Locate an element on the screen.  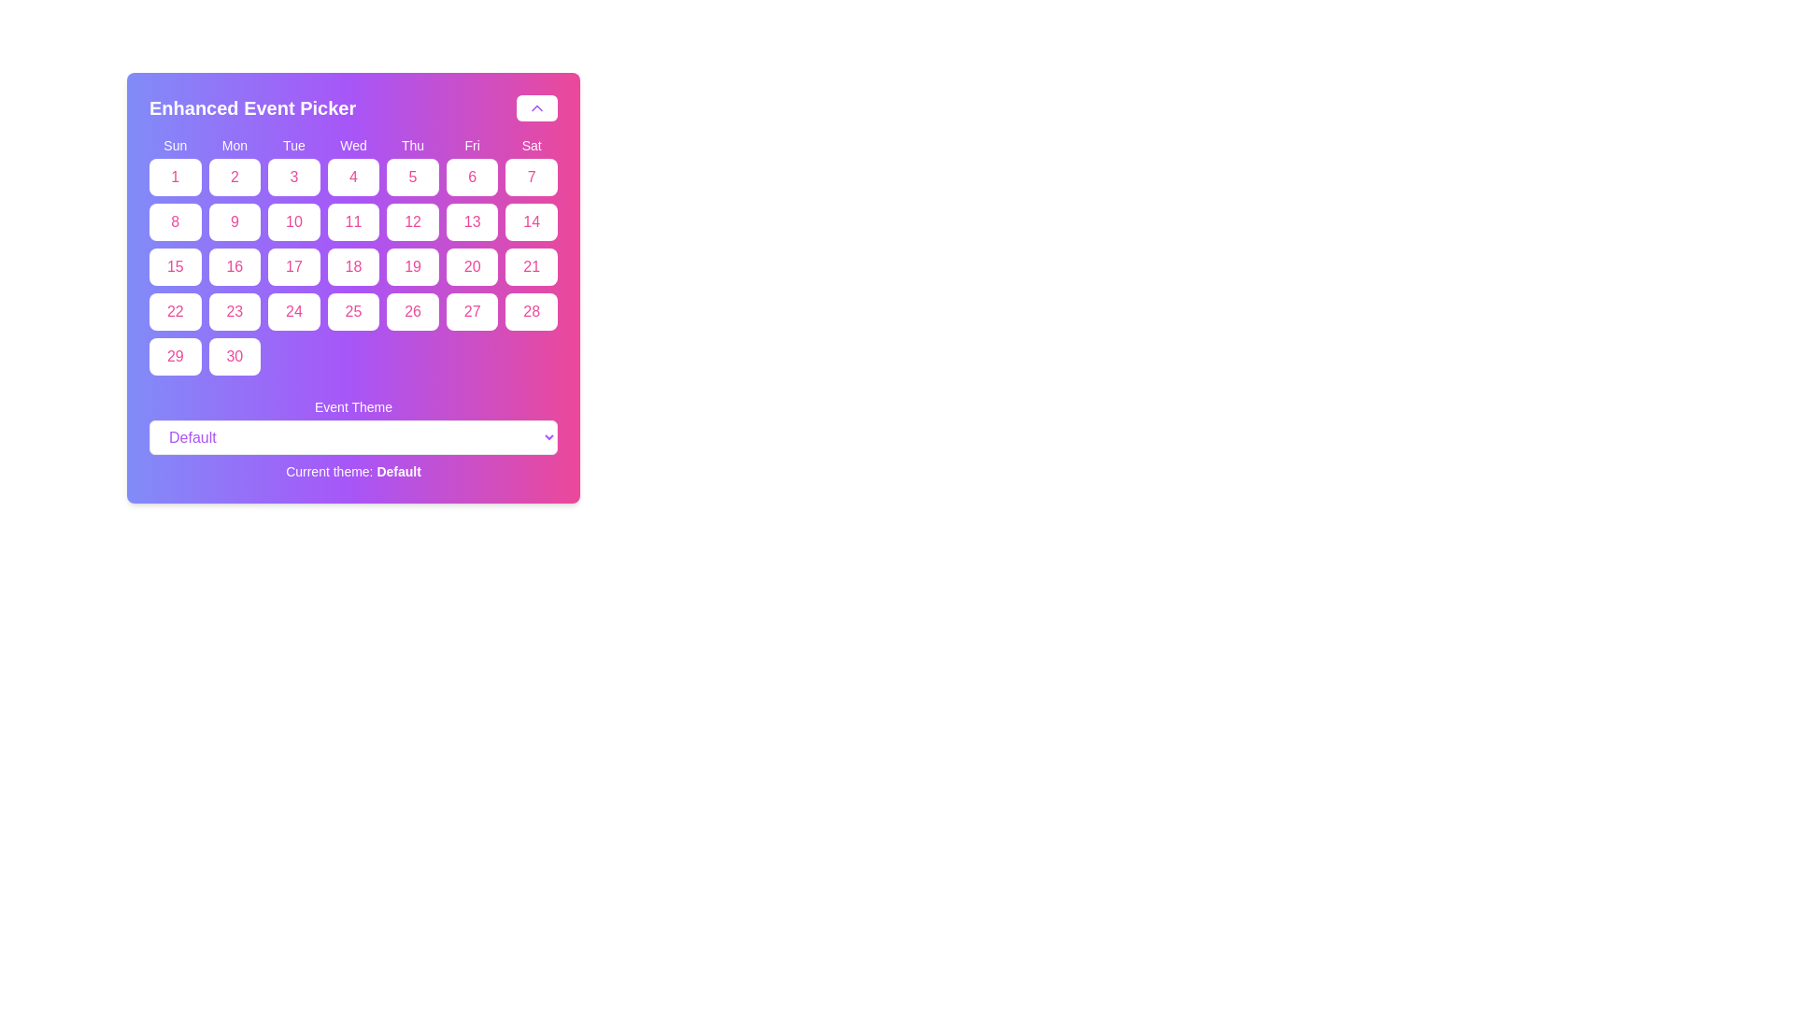
the button indicating the 27th day of the month in the calendar interface is located at coordinates (472, 311).